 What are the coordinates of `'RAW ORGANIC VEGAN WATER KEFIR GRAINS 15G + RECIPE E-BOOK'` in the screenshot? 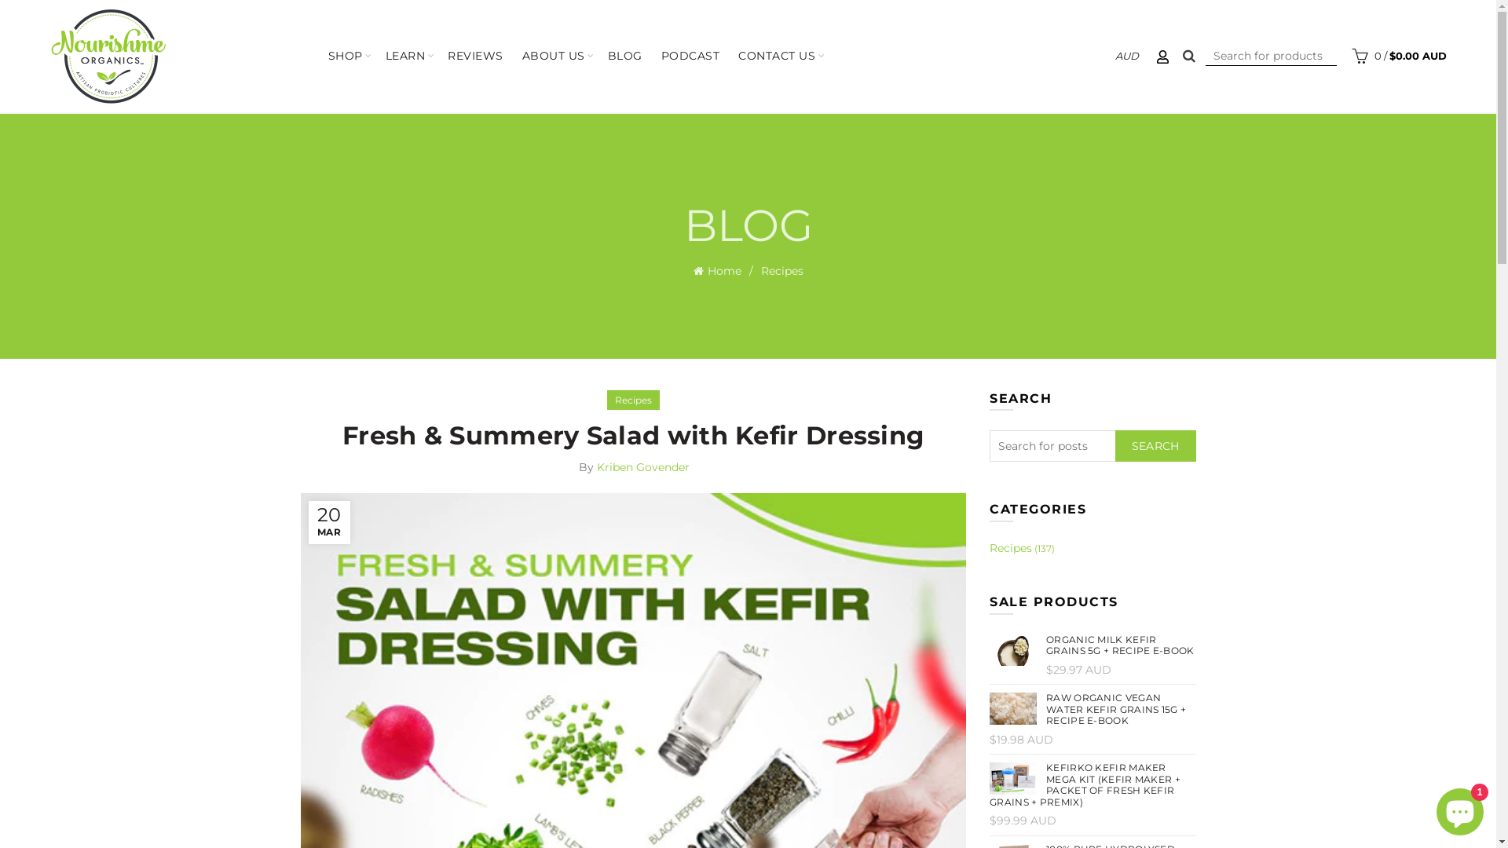 It's located at (1092, 709).